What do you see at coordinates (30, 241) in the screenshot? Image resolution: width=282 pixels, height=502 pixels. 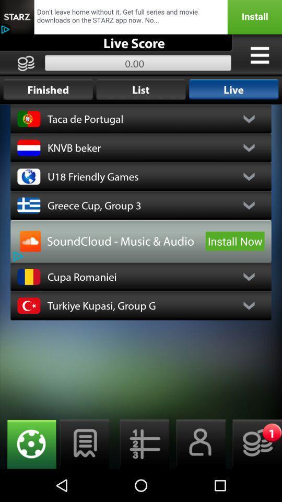 I see `profile image` at bounding box center [30, 241].